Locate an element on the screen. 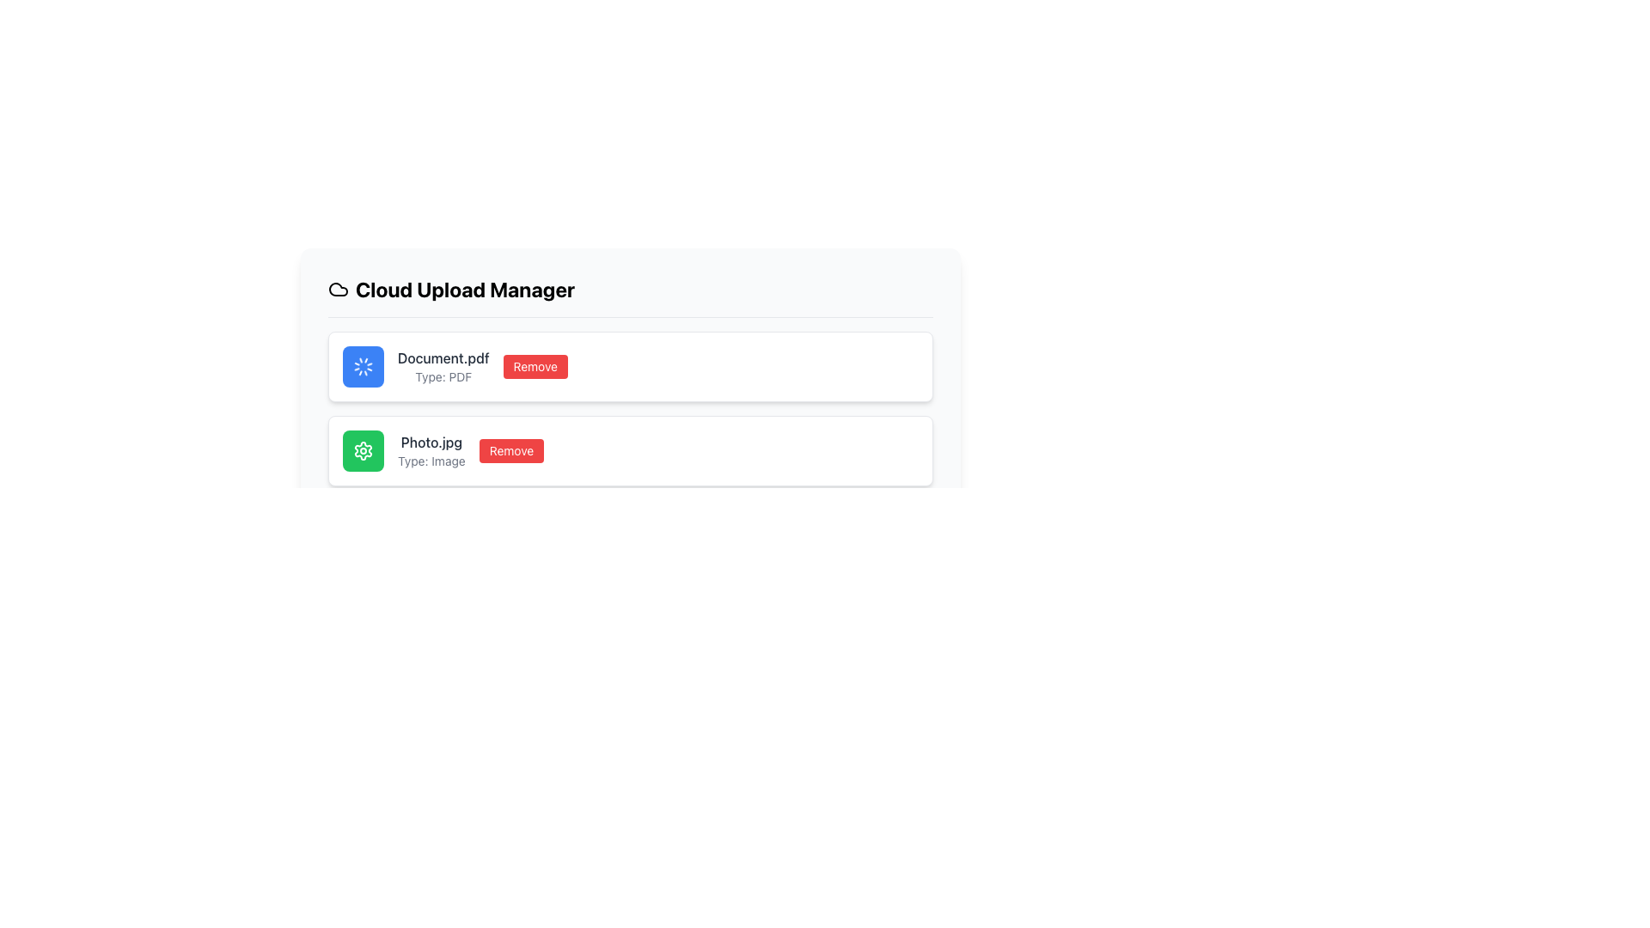  the cog-like settings icon located at the bottom-right corner of the 'Photo.jpg' file entry to possibly open a settings menu is located at coordinates (362, 449).